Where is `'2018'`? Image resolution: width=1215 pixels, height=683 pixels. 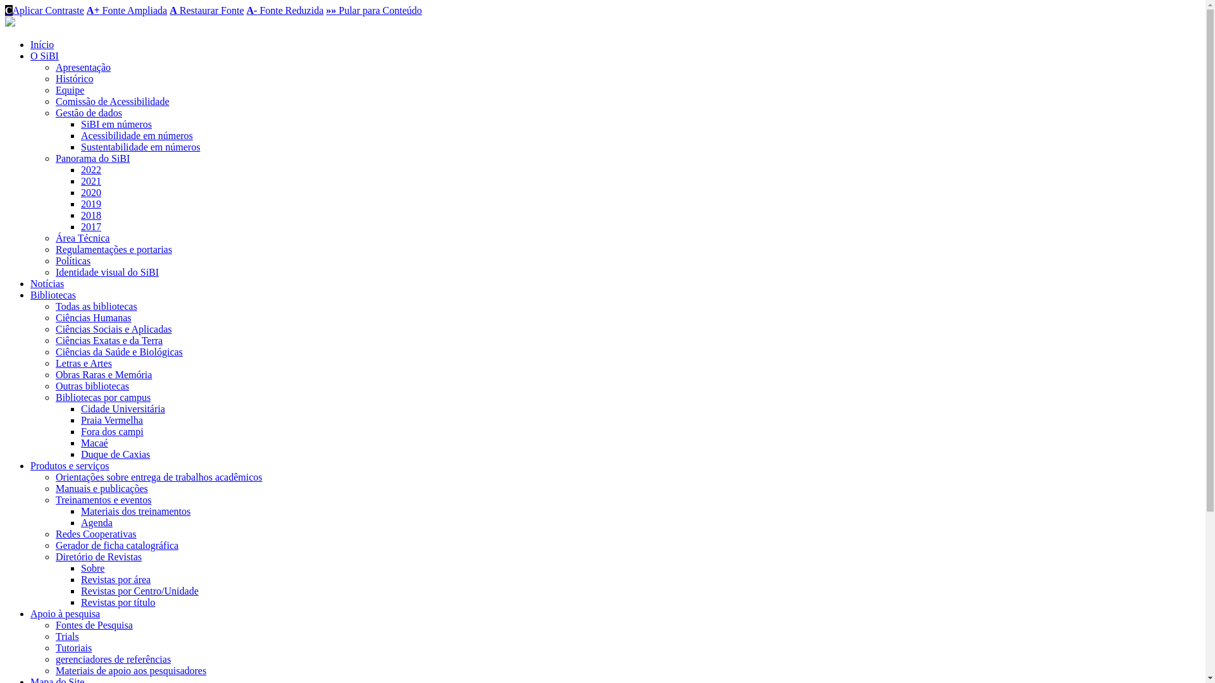 '2018' is located at coordinates (90, 214).